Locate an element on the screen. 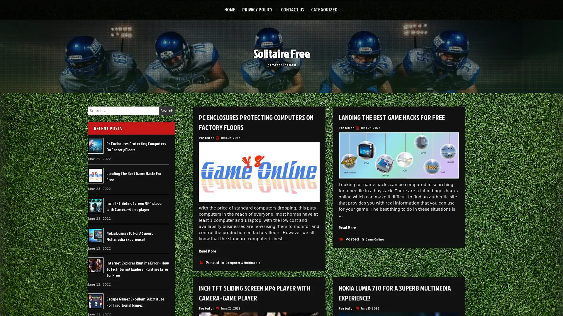 This screenshot has height=316, width=563. Search is located at coordinates (167, 111).